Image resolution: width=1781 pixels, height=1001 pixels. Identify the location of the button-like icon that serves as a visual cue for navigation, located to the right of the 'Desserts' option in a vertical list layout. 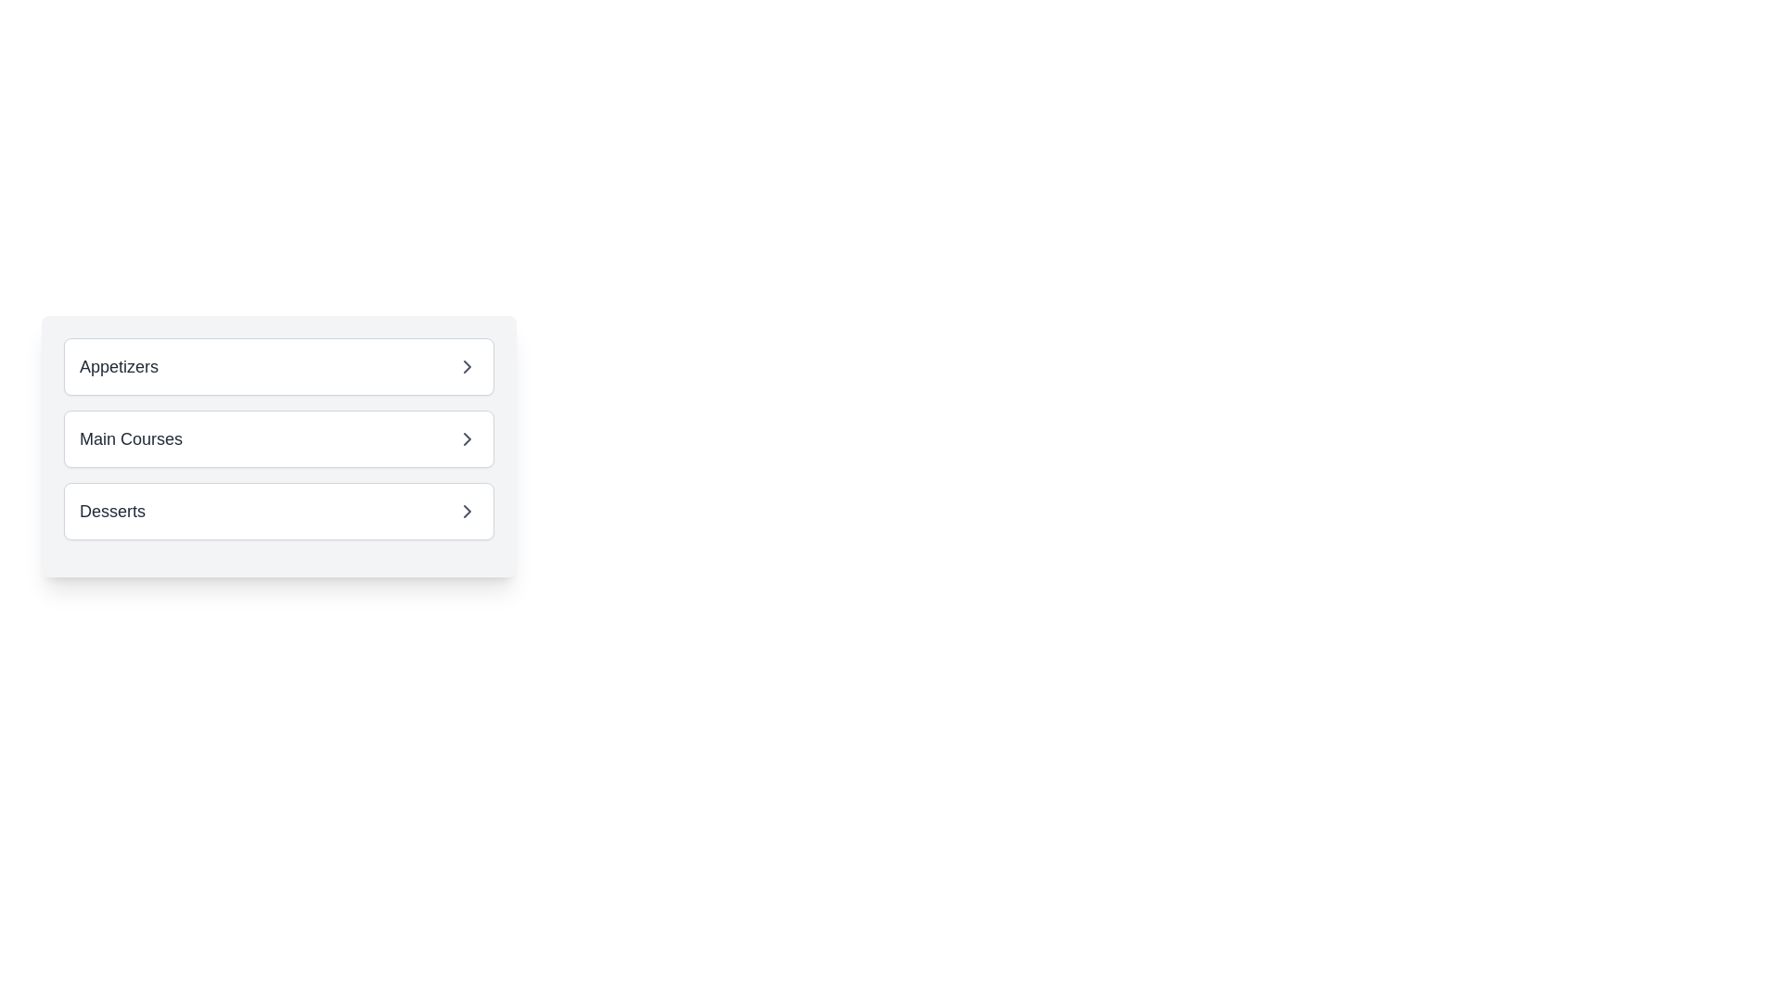
(468, 511).